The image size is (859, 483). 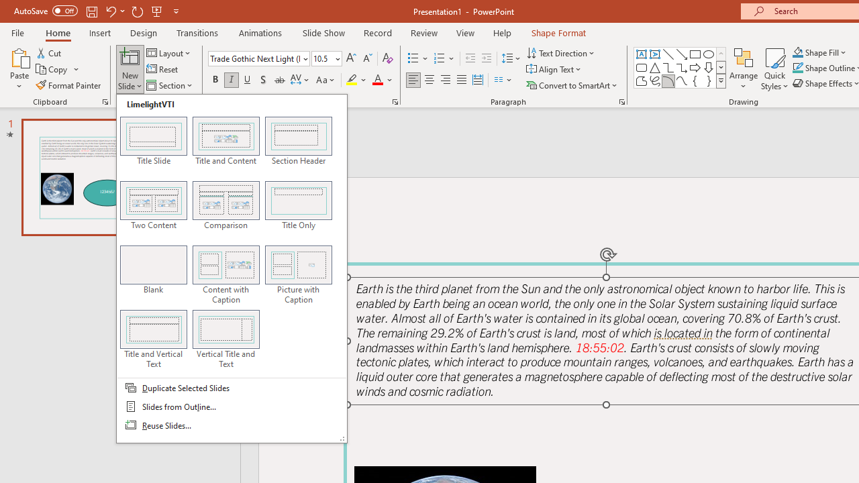 I want to click on 'Shape Outline Teal, Accent 1', so click(x=798, y=68).